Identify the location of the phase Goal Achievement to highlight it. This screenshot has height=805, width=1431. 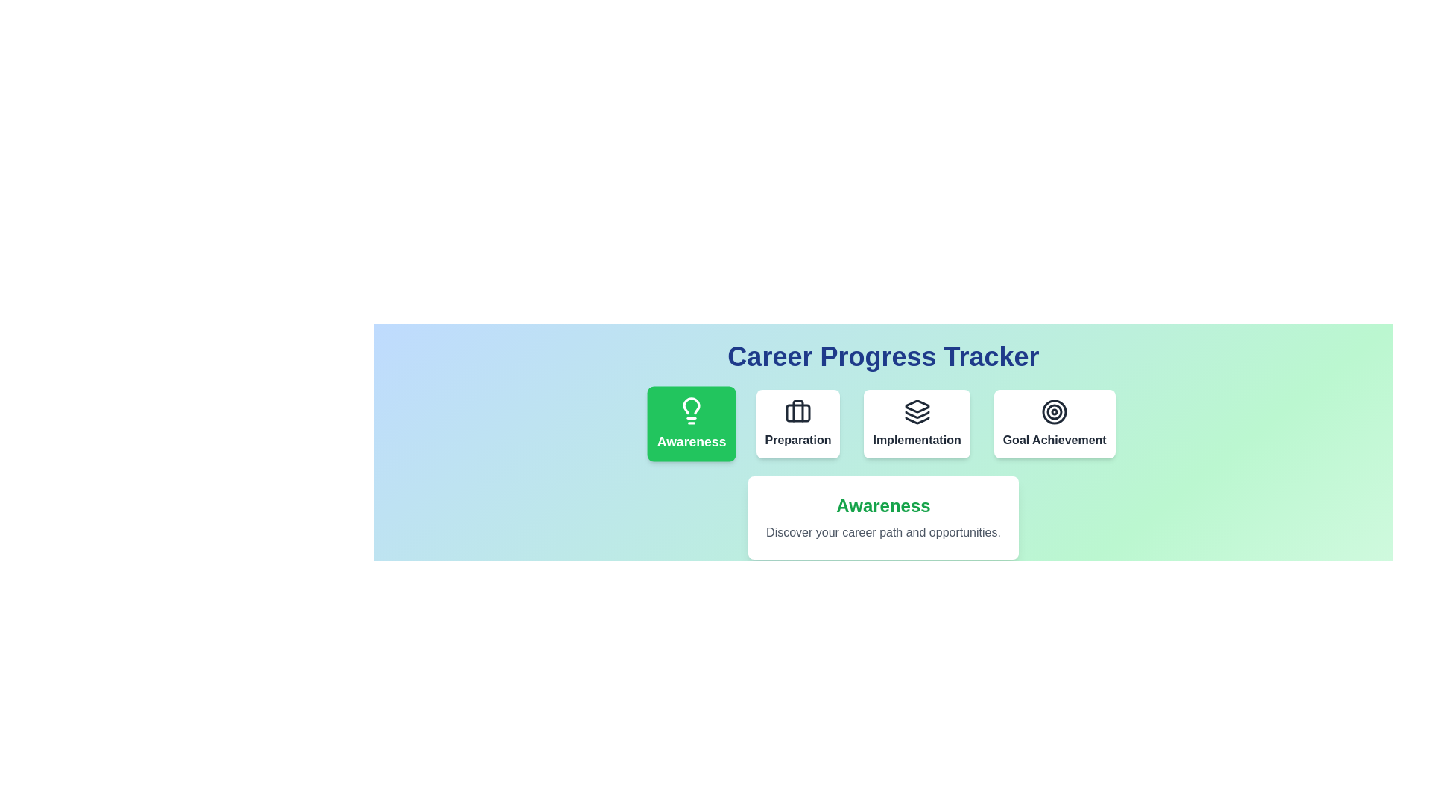
(1054, 424).